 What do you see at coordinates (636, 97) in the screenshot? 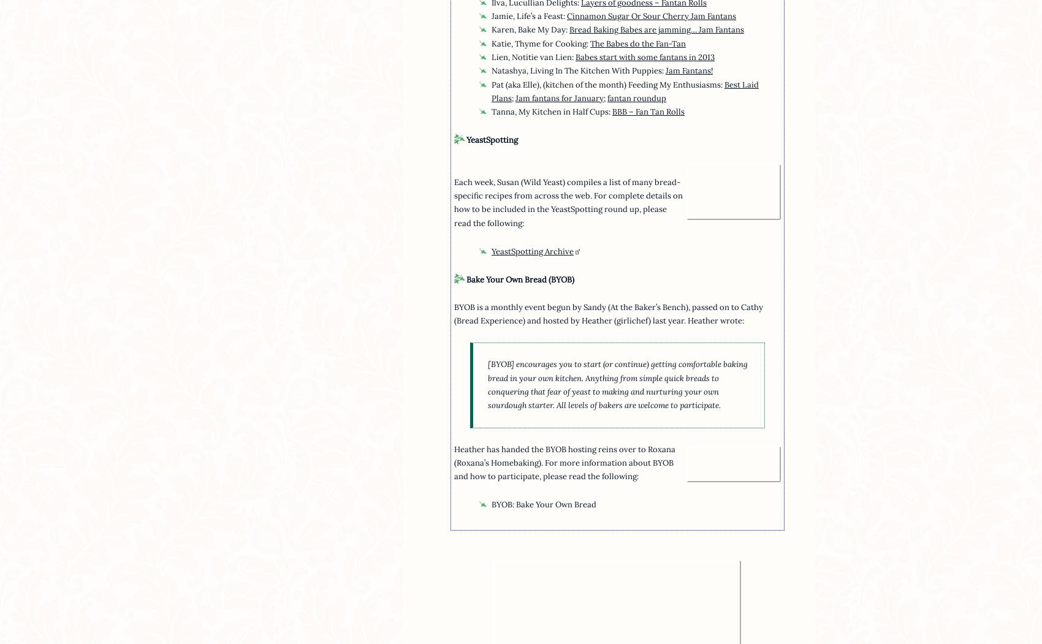
I see `'fantan roundup'` at bounding box center [636, 97].